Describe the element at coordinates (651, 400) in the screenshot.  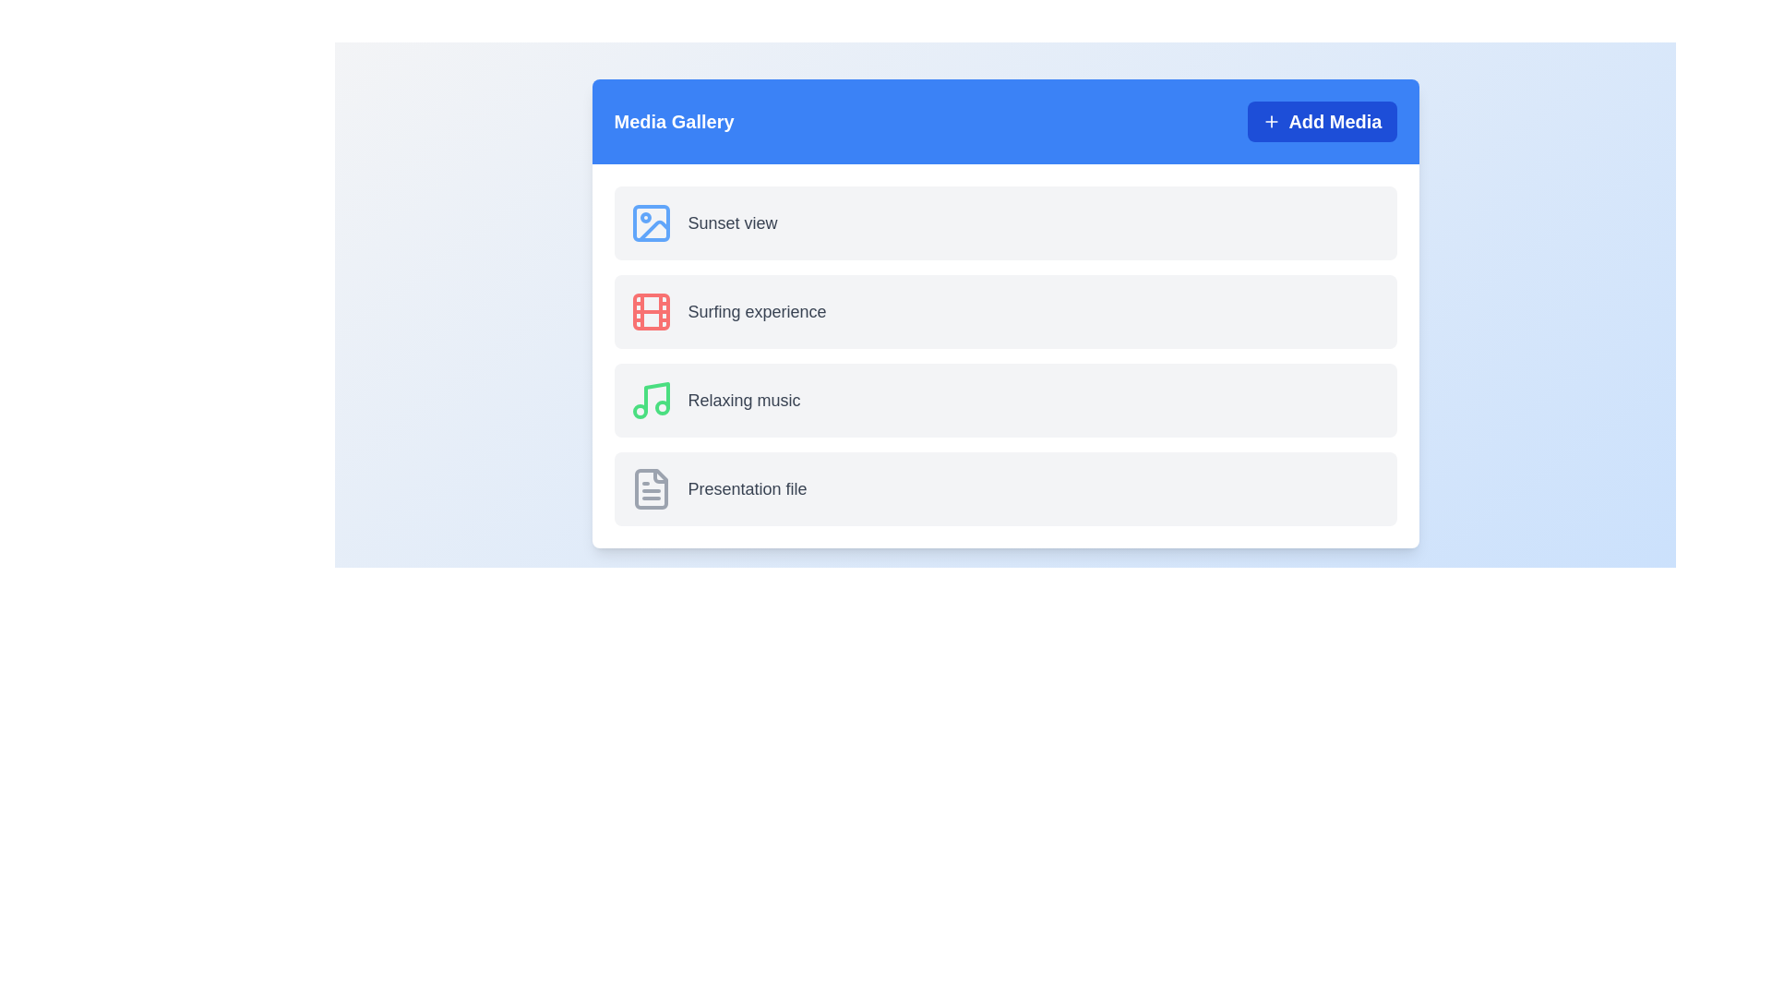
I see `the green music note icon in the 'Media Gallery' section, positioned to the left of the 'Relaxing music' list item` at that location.